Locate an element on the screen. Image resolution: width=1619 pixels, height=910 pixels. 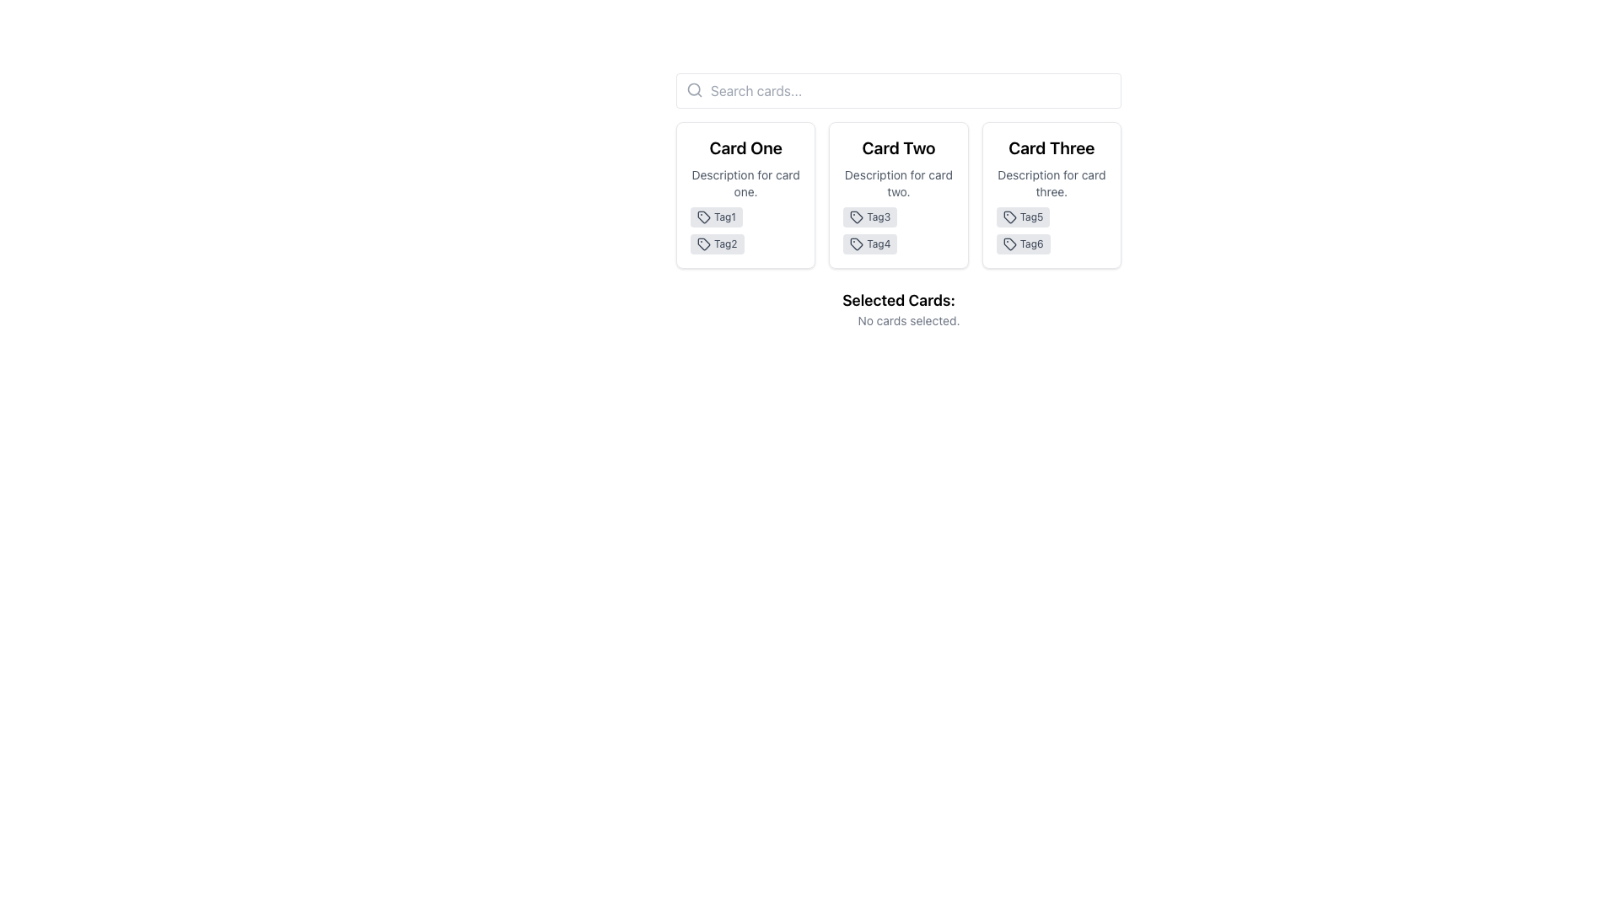
the status message text indicating that no cards are currently selected, which is located under the 'Selected Cards:' label is located at coordinates (897, 321).